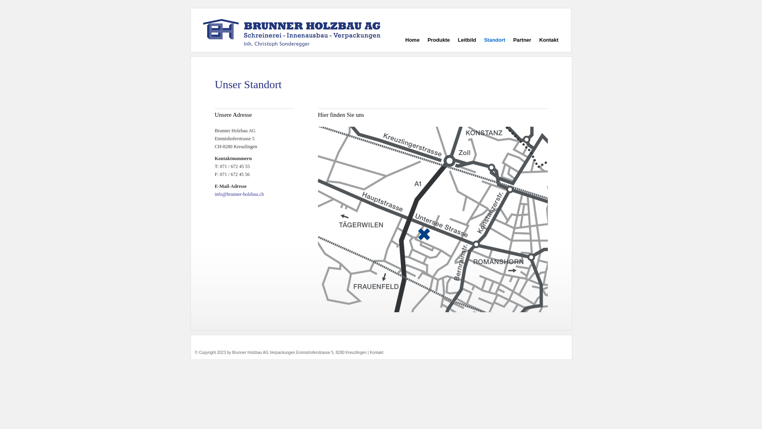  I want to click on 'Produkte', so click(438, 40).